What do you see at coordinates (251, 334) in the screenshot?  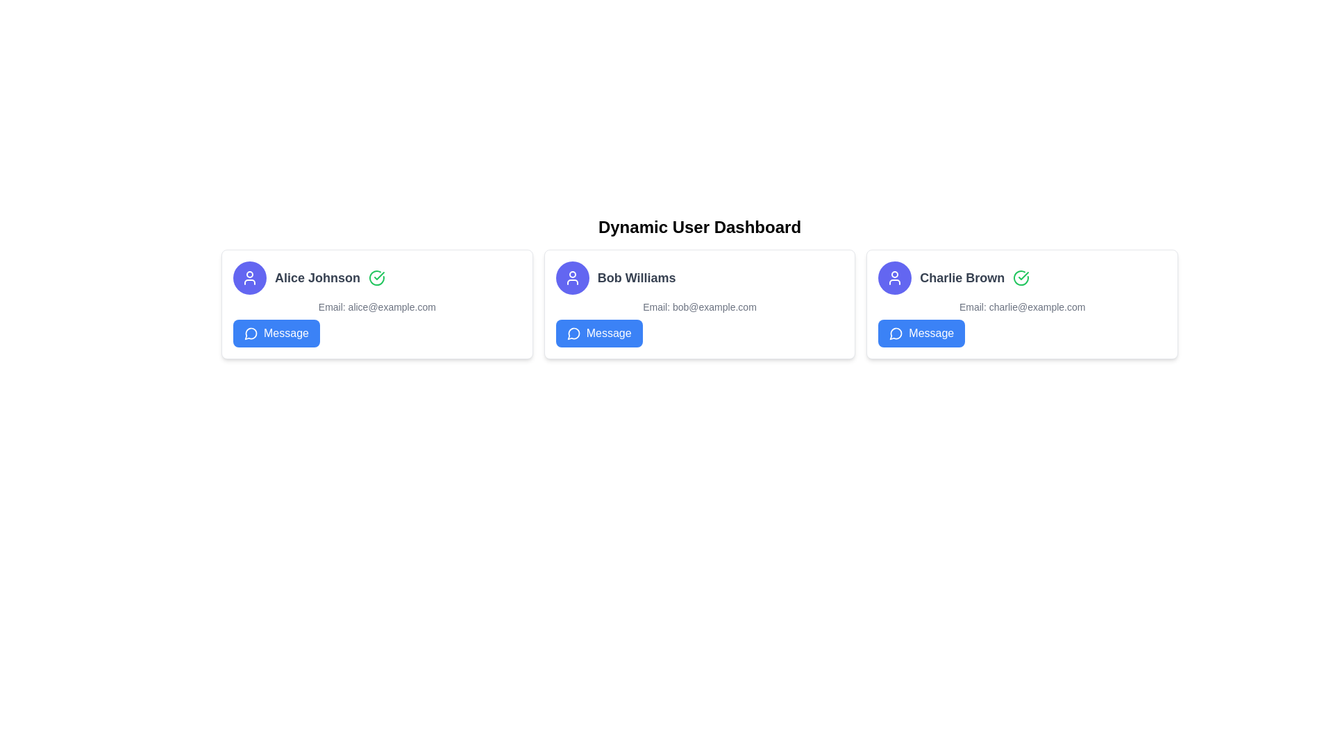 I see `the Icon or SVG graphical element located within the 'Message' button for 'Alice Johnson', which visually complements the text 'Message'` at bounding box center [251, 334].